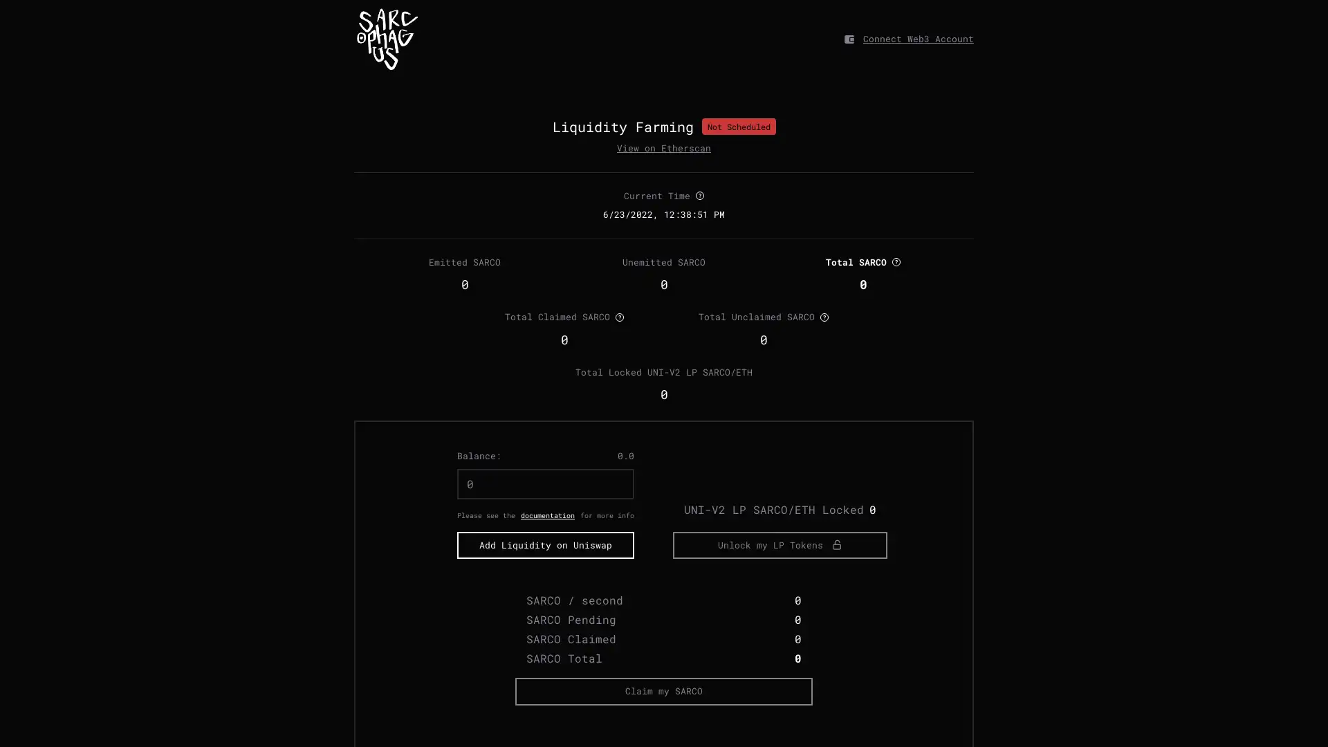 This screenshot has width=1328, height=747. Describe the element at coordinates (919, 38) in the screenshot. I see `Connect Web3 Account` at that location.